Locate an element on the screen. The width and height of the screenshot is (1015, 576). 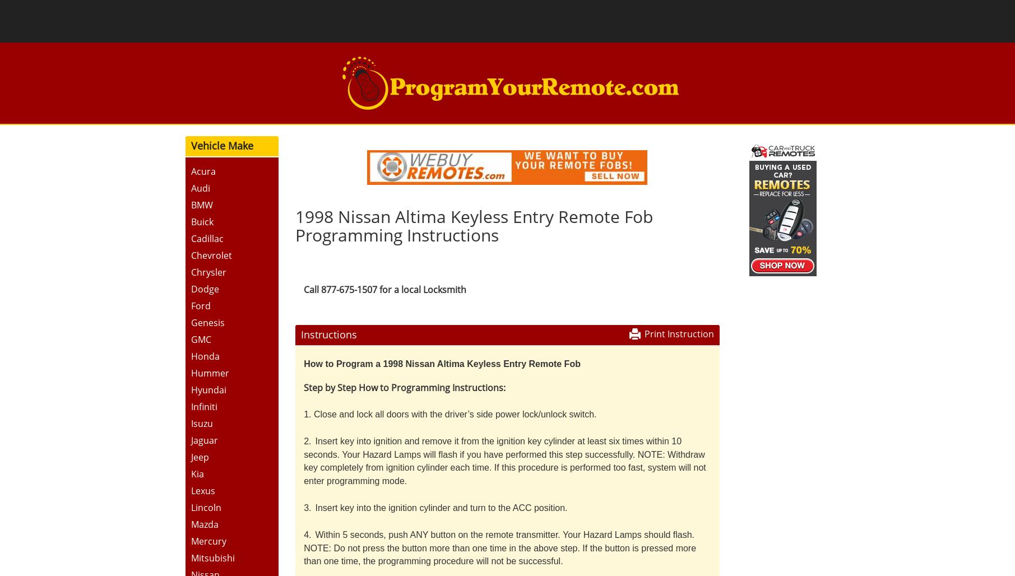
'BMW' is located at coordinates (189, 204).